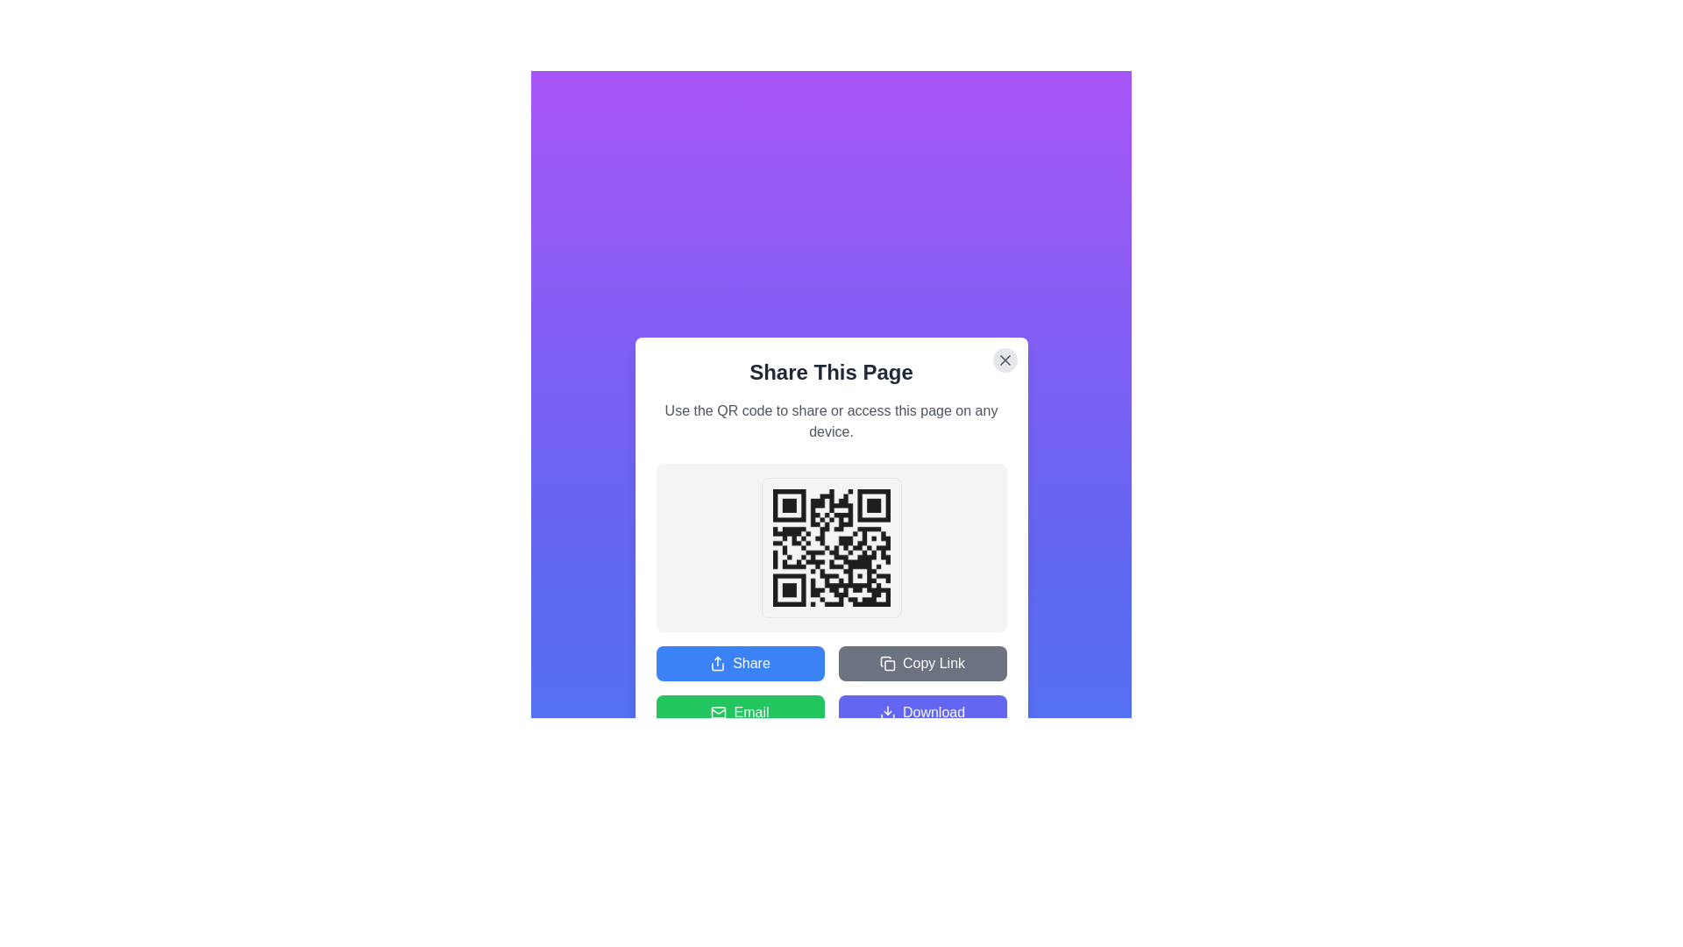 Image resolution: width=1683 pixels, height=947 pixels. What do you see at coordinates (921, 713) in the screenshot?
I see `the 'Download' button with a purple background and white text via keyboard navigation` at bounding box center [921, 713].